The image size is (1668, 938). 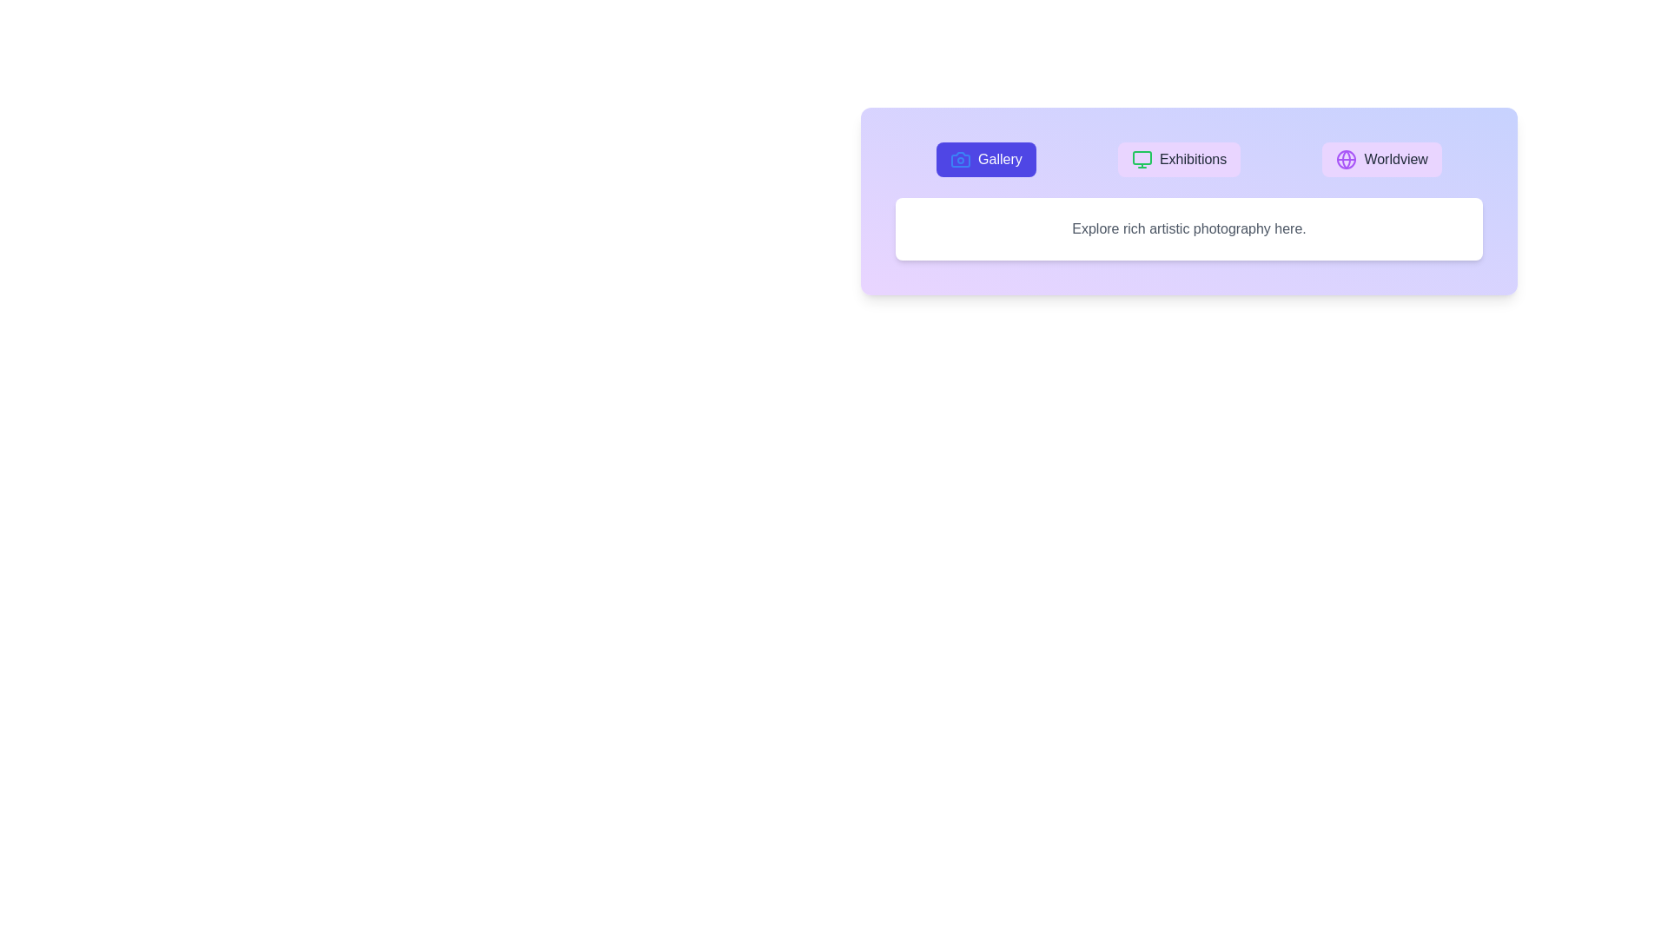 I want to click on the Gallery tab button to see its hover effect, so click(x=986, y=160).